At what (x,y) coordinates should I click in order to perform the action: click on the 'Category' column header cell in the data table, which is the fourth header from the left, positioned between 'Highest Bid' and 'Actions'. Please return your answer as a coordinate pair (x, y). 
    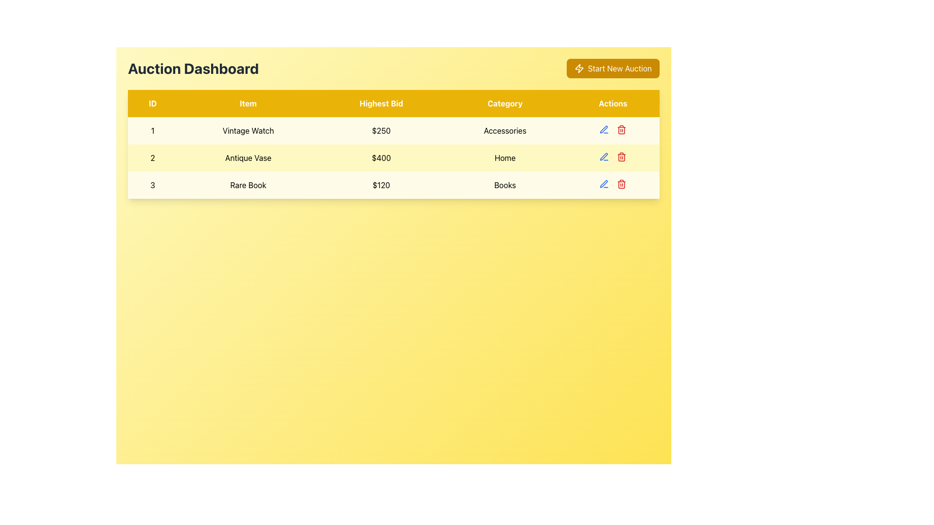
    Looking at the image, I should click on (505, 103).